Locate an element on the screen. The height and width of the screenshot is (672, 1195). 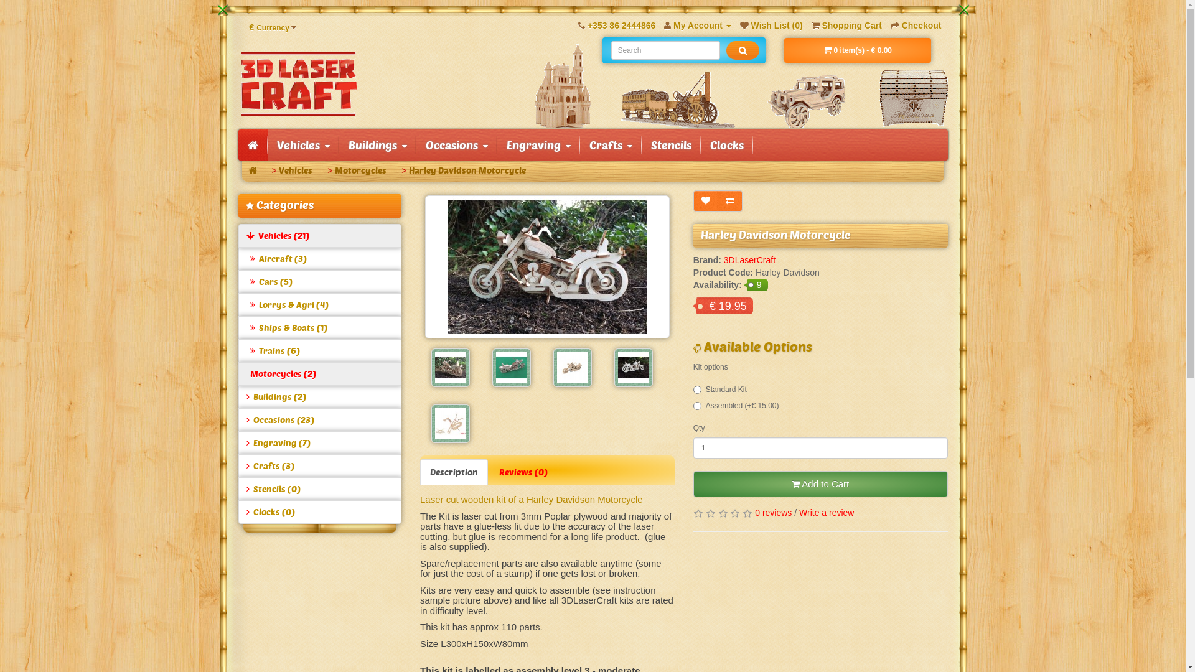
'Vehicles  ' is located at coordinates (303, 144).